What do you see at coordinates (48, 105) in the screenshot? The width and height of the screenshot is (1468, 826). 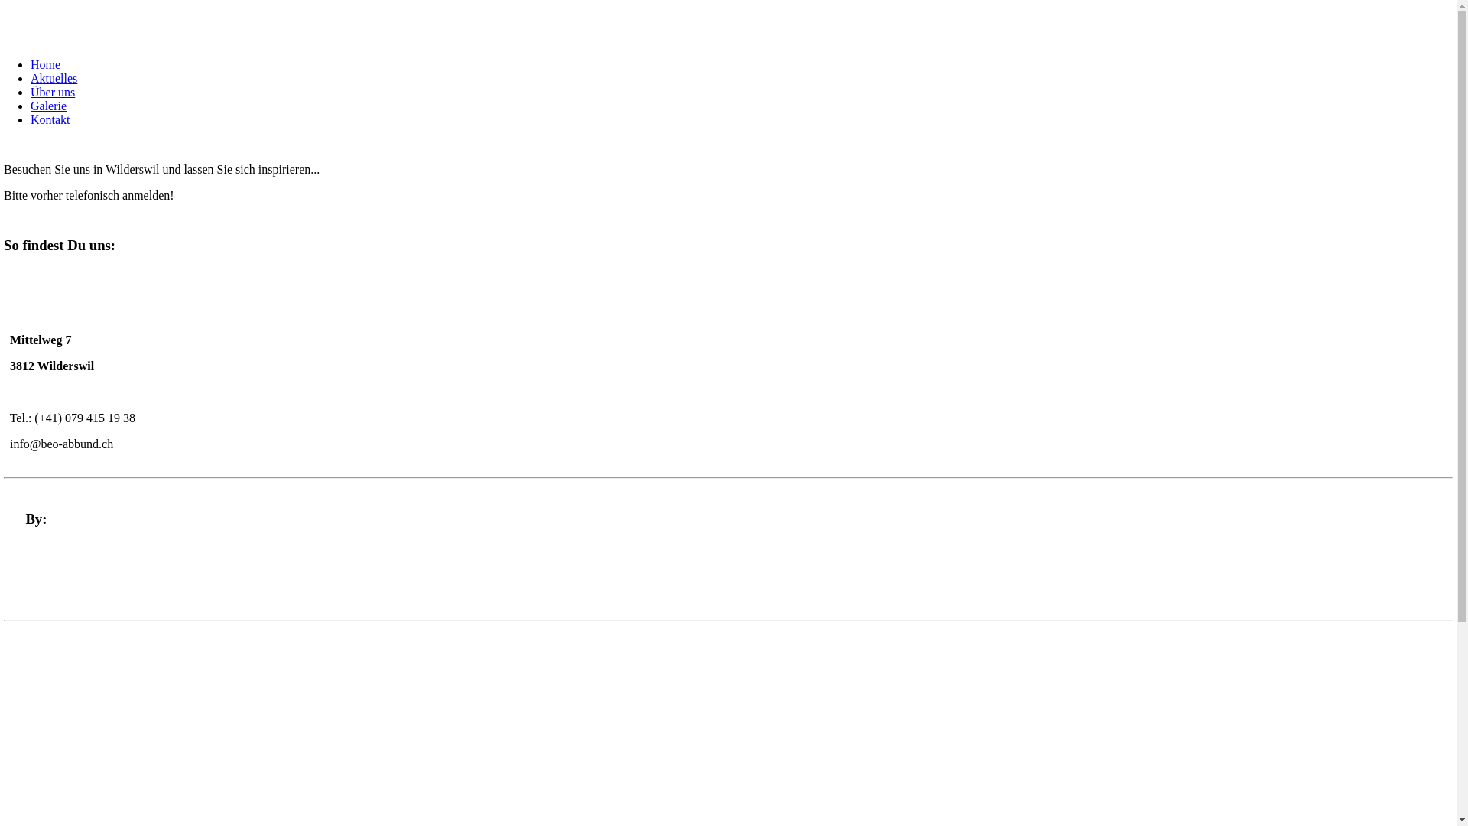 I see `'Galerie'` at bounding box center [48, 105].